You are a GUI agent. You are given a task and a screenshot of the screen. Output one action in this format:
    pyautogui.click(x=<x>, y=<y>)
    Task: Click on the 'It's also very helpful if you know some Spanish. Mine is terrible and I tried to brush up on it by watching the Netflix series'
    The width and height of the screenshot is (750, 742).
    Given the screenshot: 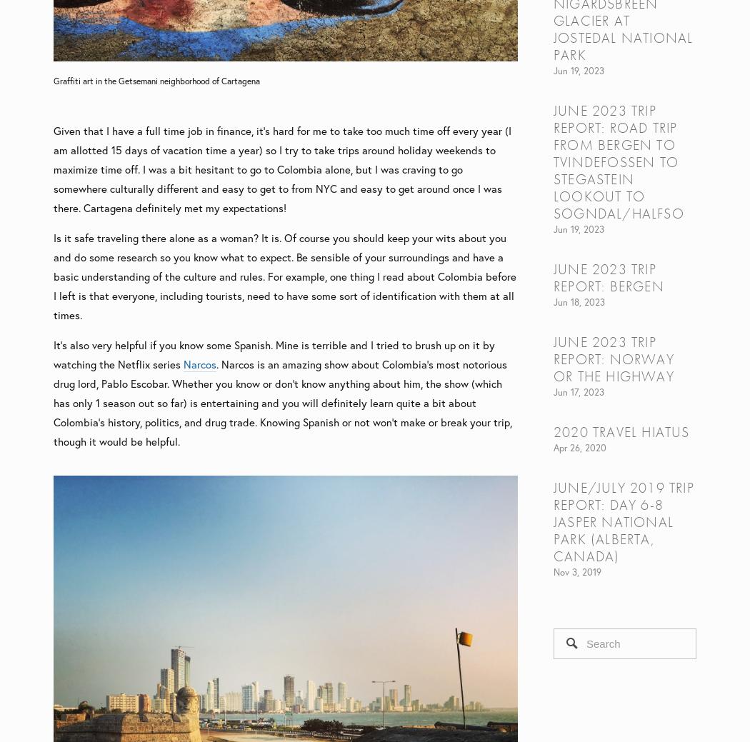 What is the action you would take?
    pyautogui.click(x=274, y=354)
    